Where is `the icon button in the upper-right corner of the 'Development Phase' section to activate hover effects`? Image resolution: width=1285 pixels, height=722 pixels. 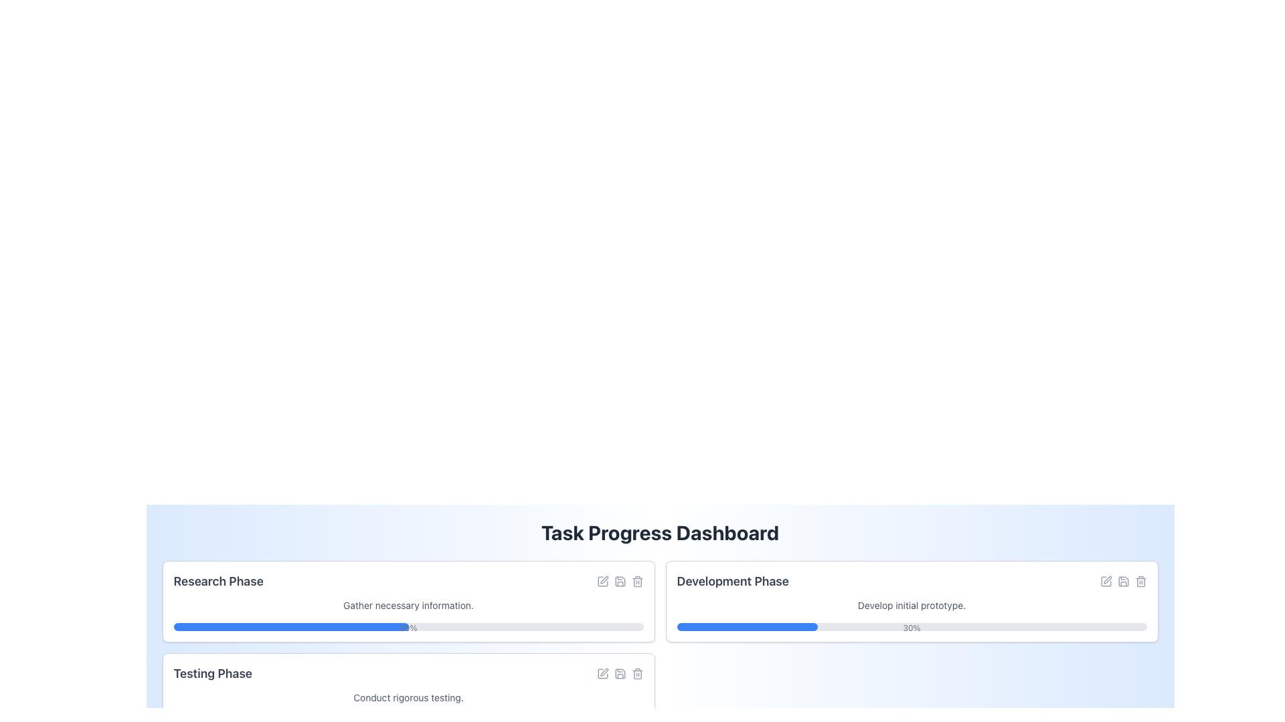 the icon button in the upper-right corner of the 'Development Phase' section to activate hover effects is located at coordinates (1123, 581).